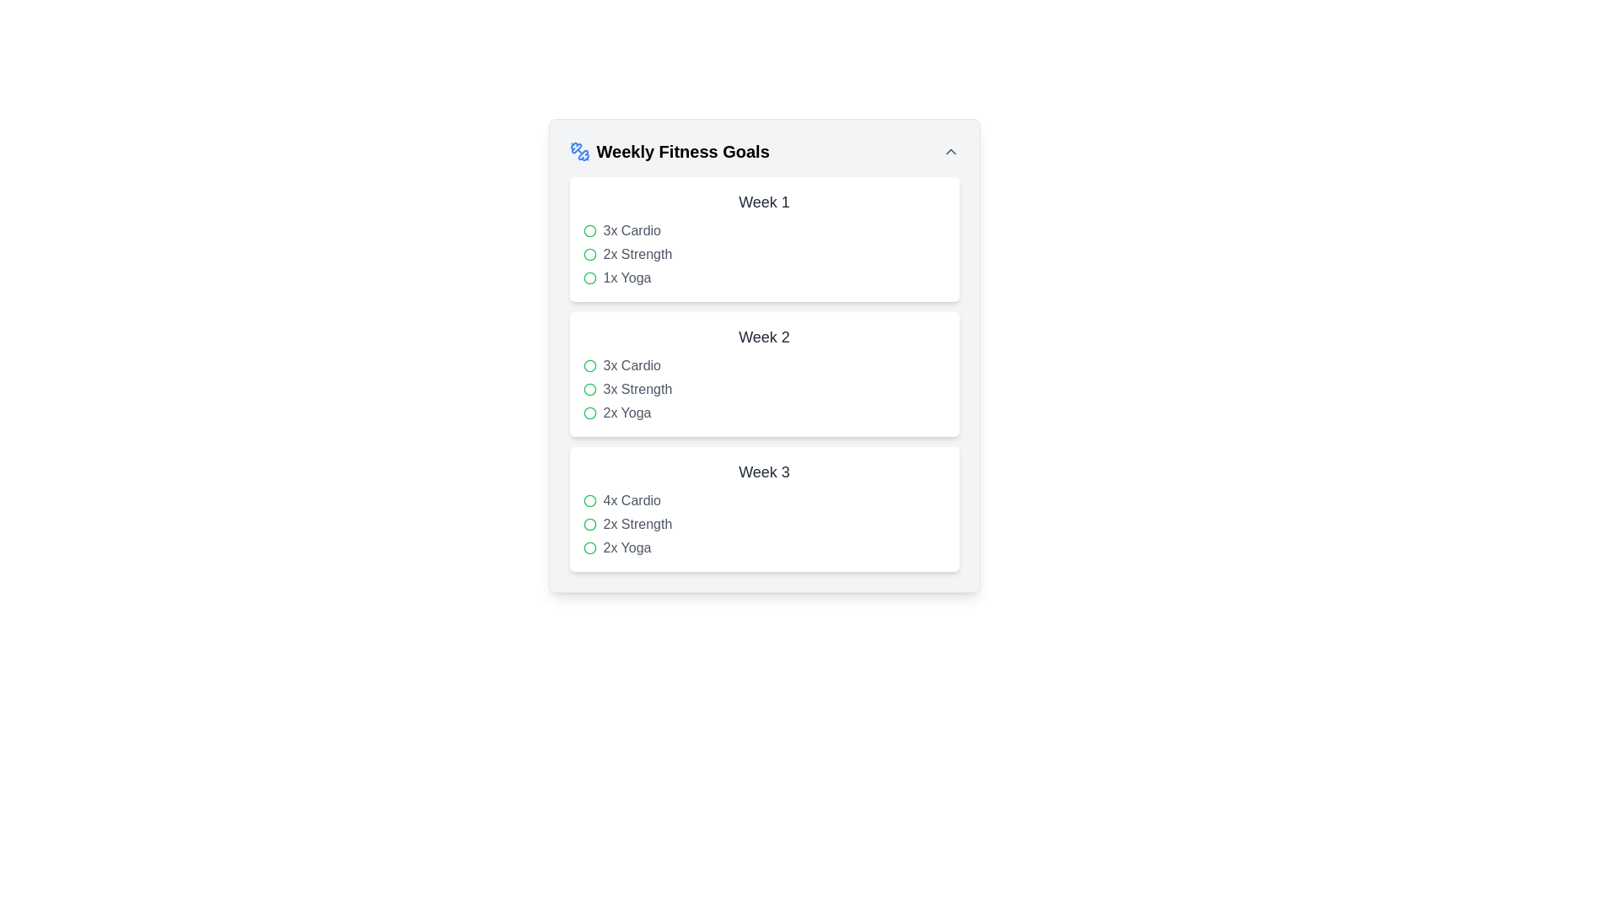 This screenshot has height=911, width=1619. I want to click on the circular icon with a green border and white center, located to the left of '2x Strength' in the 'Week 1' section under 'Weekly Fitness Goals', so click(589, 254).